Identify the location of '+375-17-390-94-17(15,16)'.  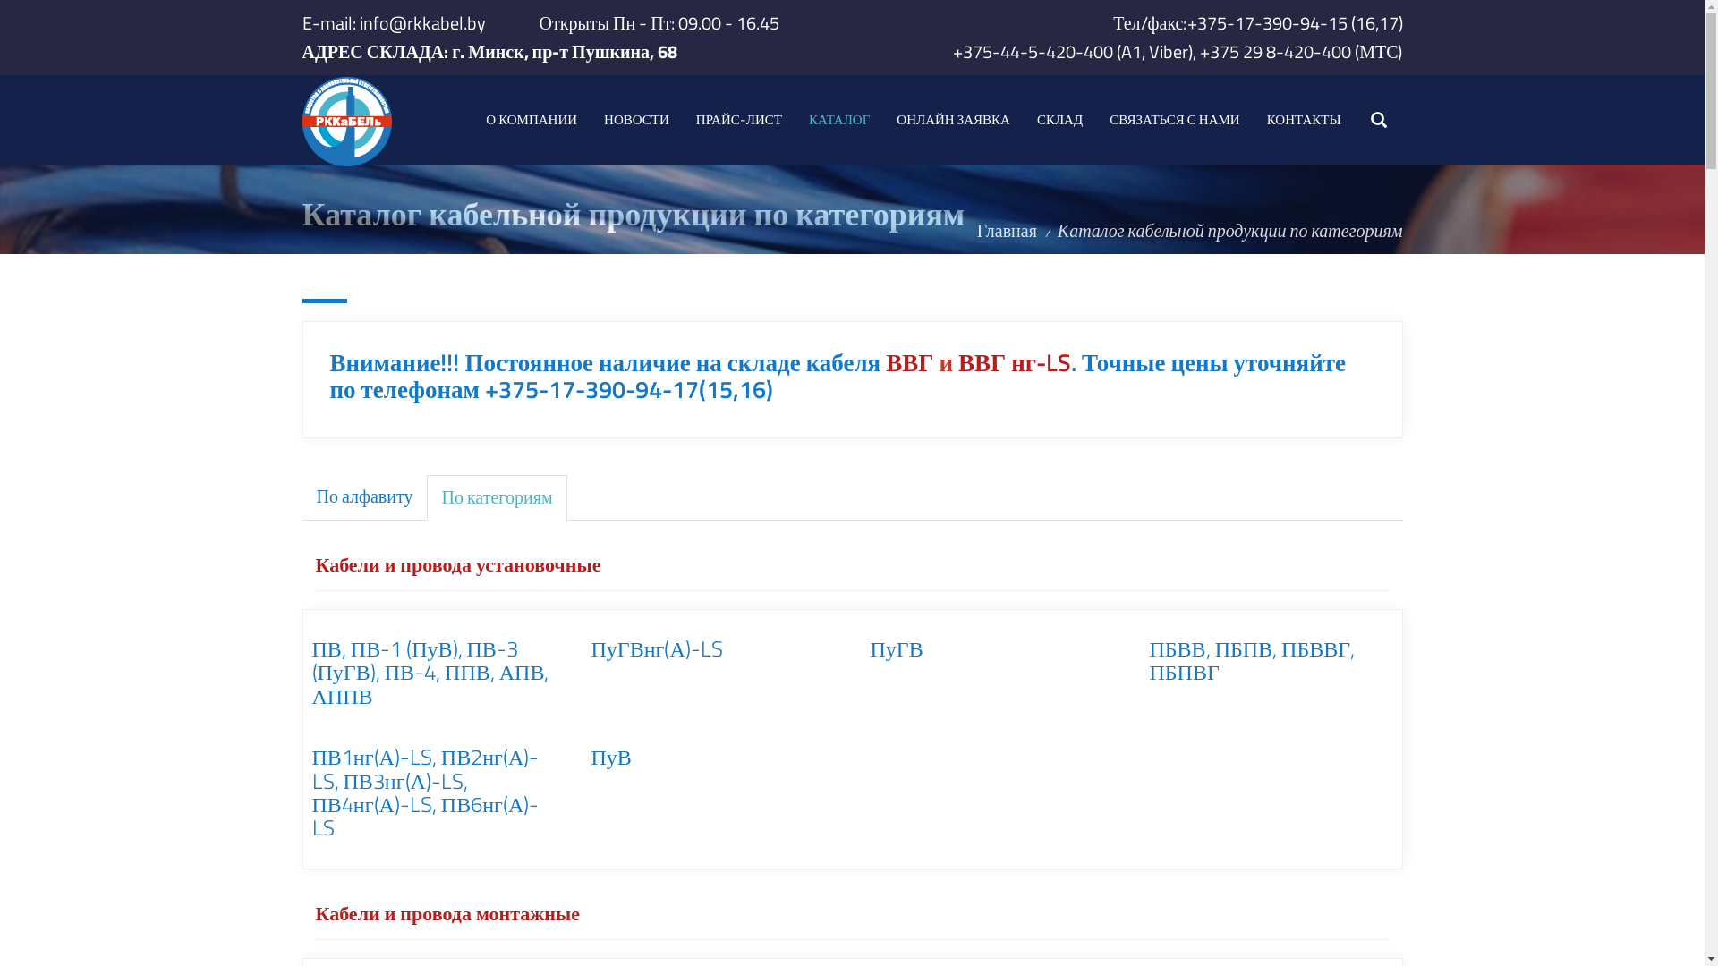
(628, 387).